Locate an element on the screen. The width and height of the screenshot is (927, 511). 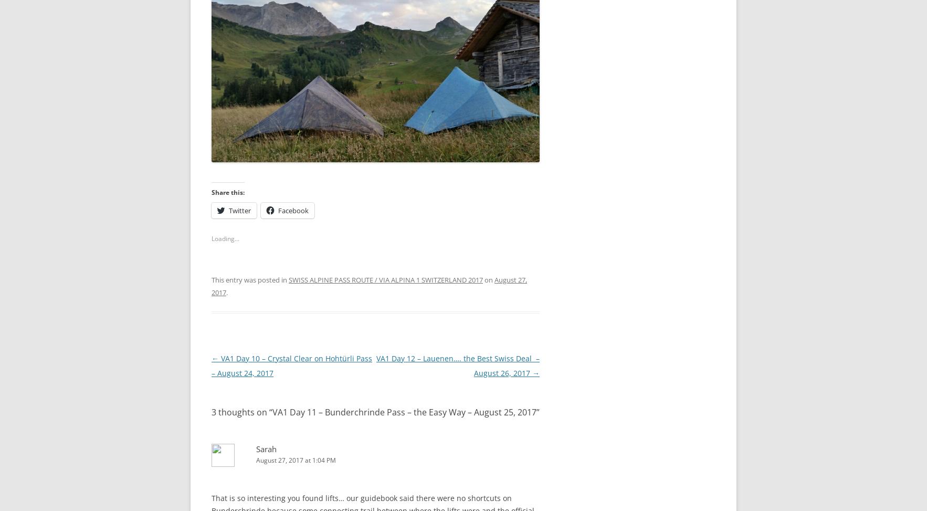
'Sarah' is located at coordinates (266, 446).